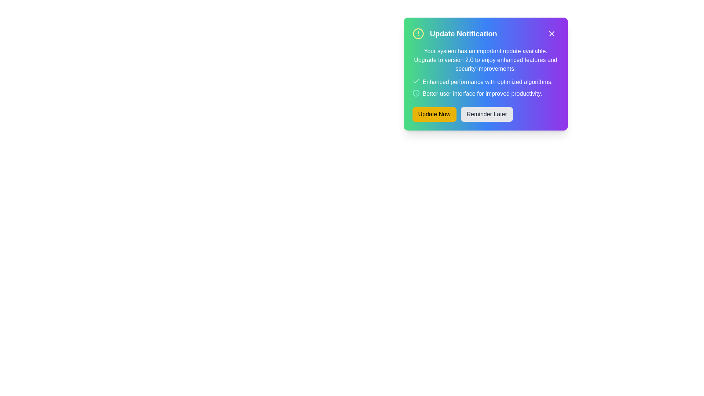 This screenshot has height=396, width=704. Describe the element at coordinates (416, 81) in the screenshot. I see `the checkmark icon within the 'Update Notification' dialog box, indicating successful completion or confirmation` at that location.